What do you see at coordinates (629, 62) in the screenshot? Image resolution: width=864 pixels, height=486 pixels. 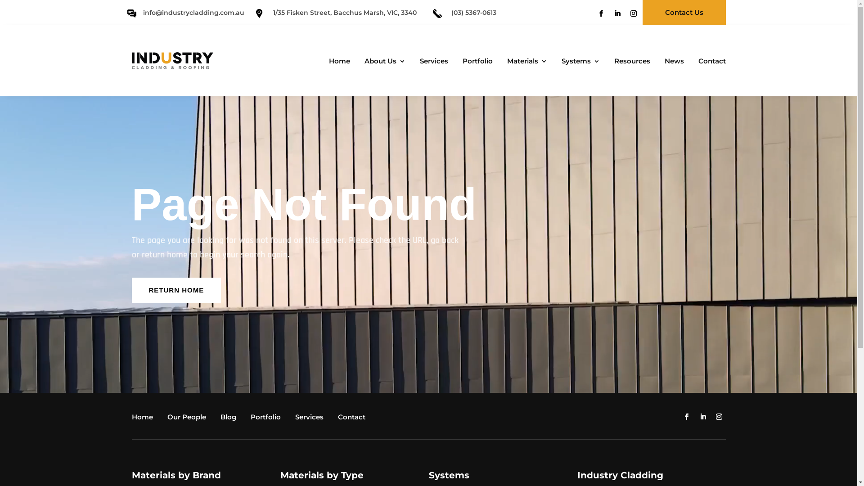 I see `'Resources'` at bounding box center [629, 62].